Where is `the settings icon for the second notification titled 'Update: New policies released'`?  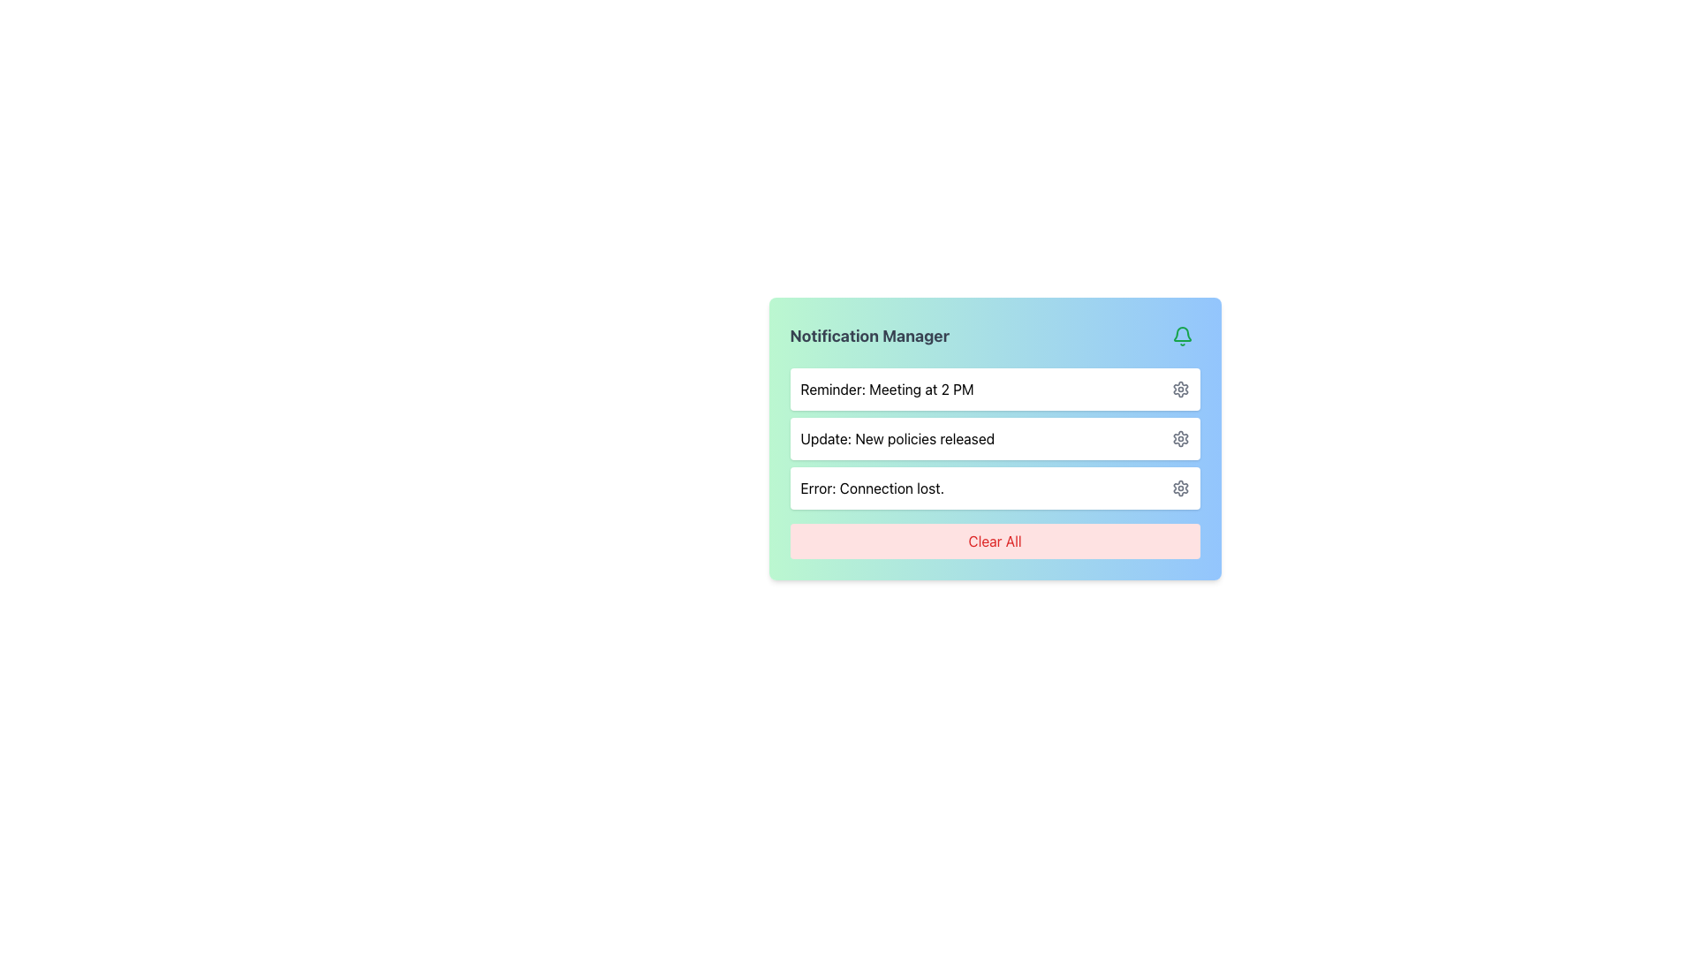
the settings icon for the second notification titled 'Update: New policies released' is located at coordinates (1180, 438).